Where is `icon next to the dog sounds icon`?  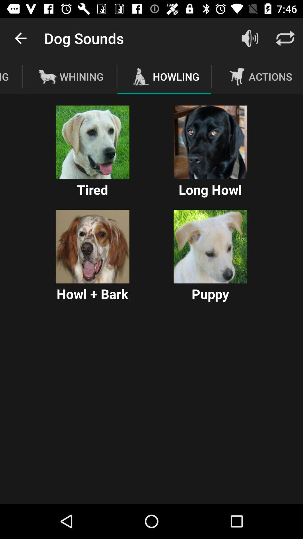 icon next to the dog sounds icon is located at coordinates (20, 38).